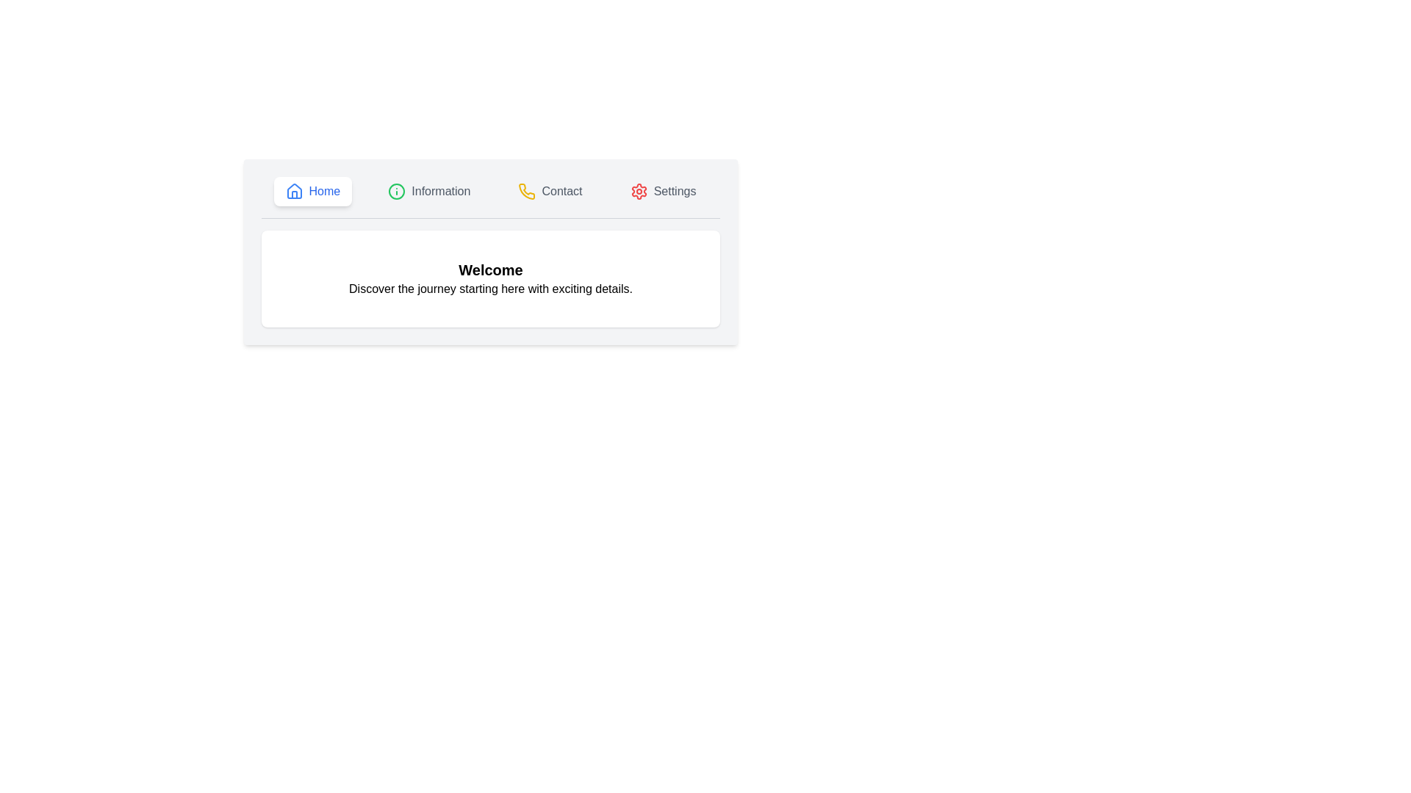 This screenshot has width=1411, height=793. What do you see at coordinates (490, 289) in the screenshot?
I see `the text element displaying 'Discover the journey starting here with exciting details', which is located beneath the bold title 'Welcome'` at bounding box center [490, 289].